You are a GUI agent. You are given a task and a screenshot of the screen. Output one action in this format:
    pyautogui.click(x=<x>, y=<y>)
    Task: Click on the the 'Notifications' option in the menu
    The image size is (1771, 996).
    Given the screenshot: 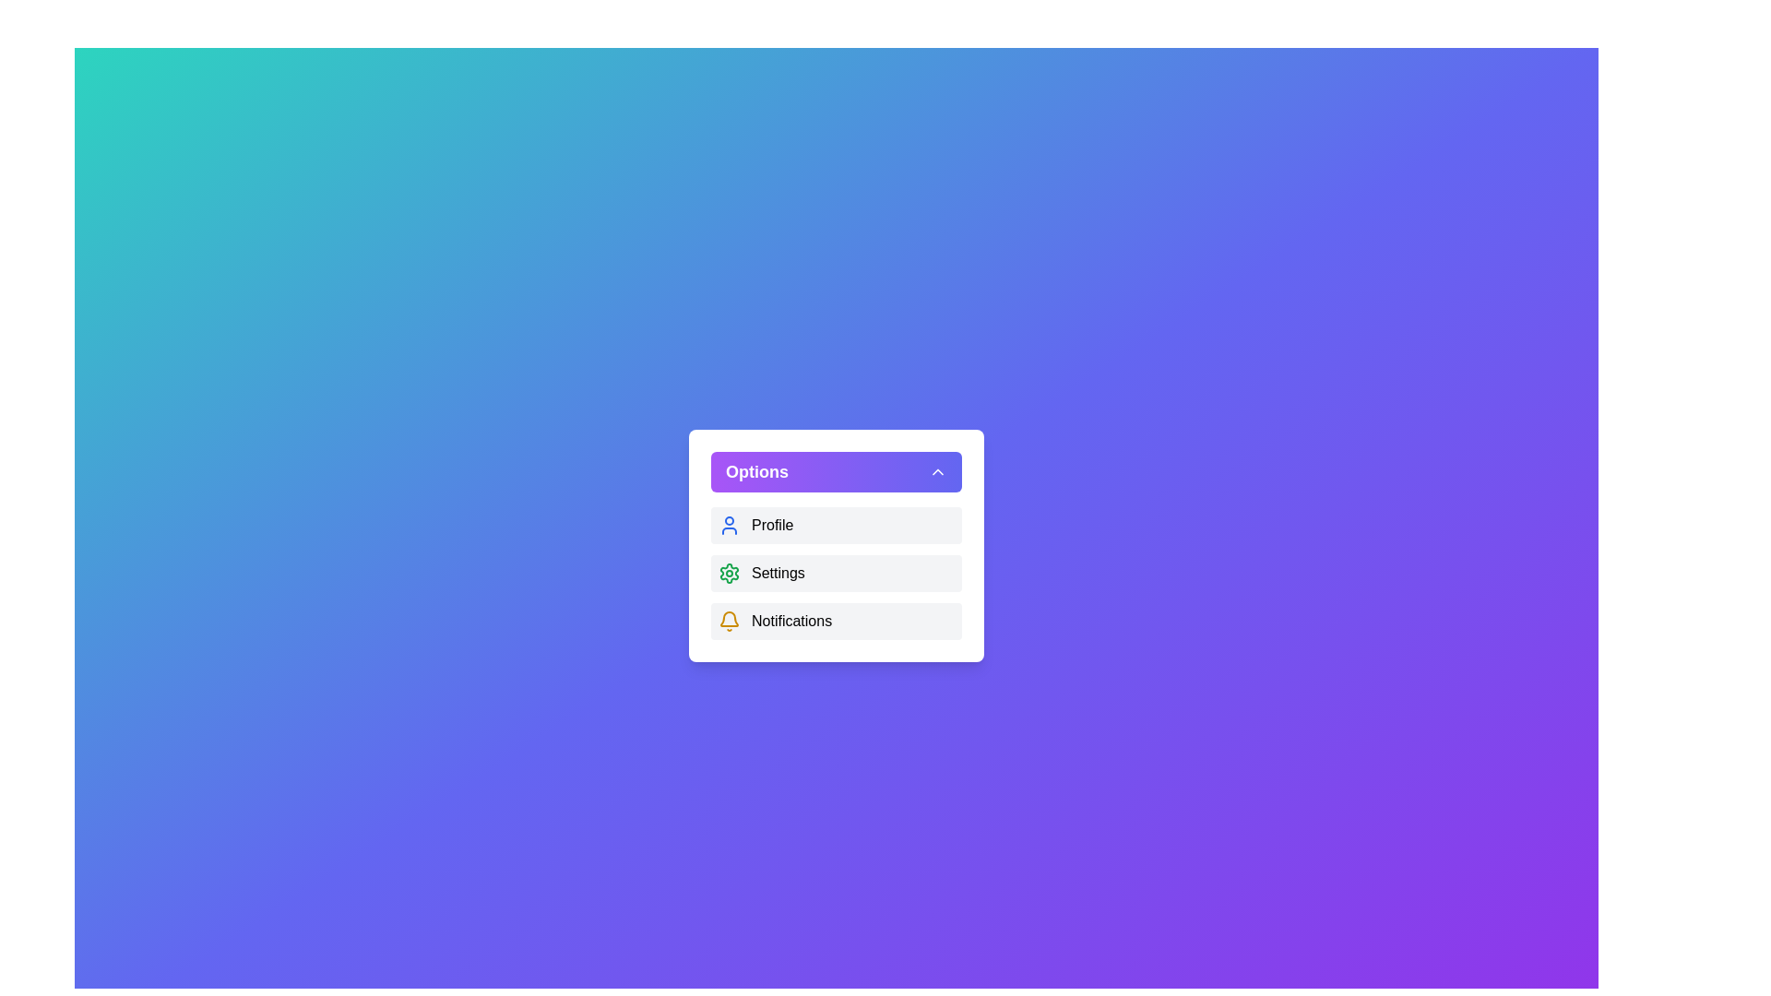 What is the action you would take?
    pyautogui.click(x=836, y=622)
    